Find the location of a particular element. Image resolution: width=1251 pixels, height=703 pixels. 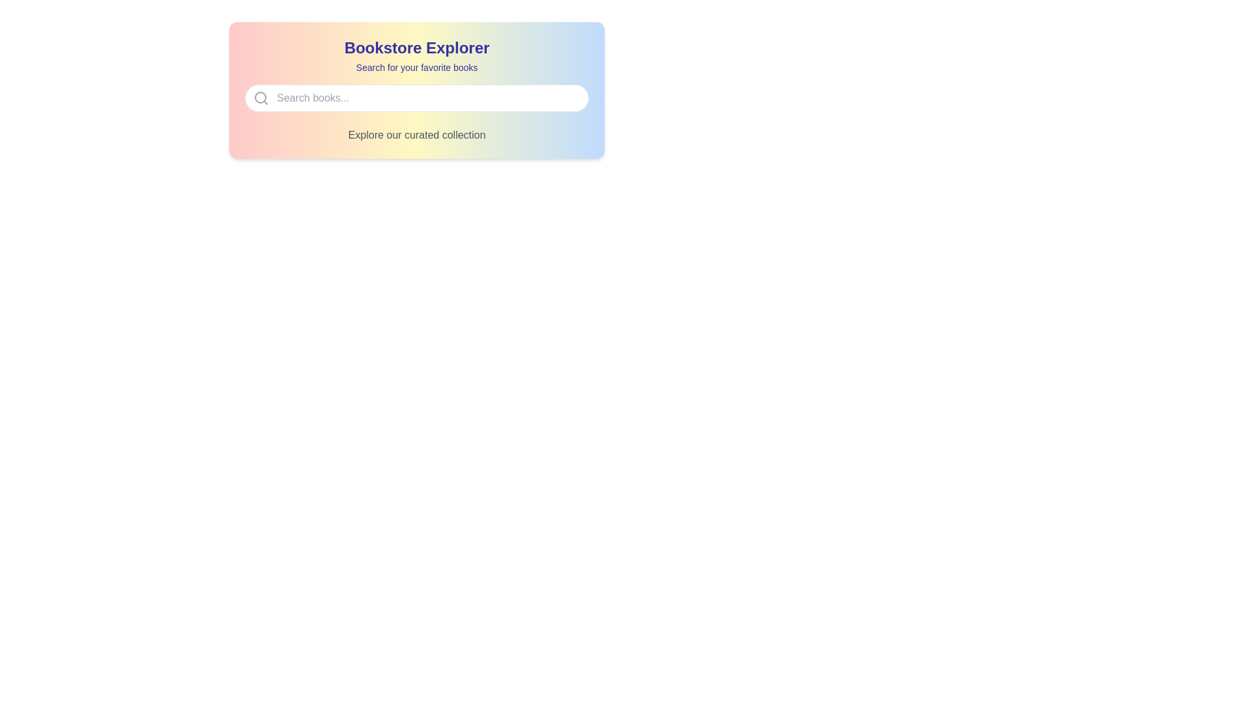

the text description element that provides context or instructions about the 'Bookstore Explorer' interface, positioned below the header and centered horizontally is located at coordinates (416, 68).